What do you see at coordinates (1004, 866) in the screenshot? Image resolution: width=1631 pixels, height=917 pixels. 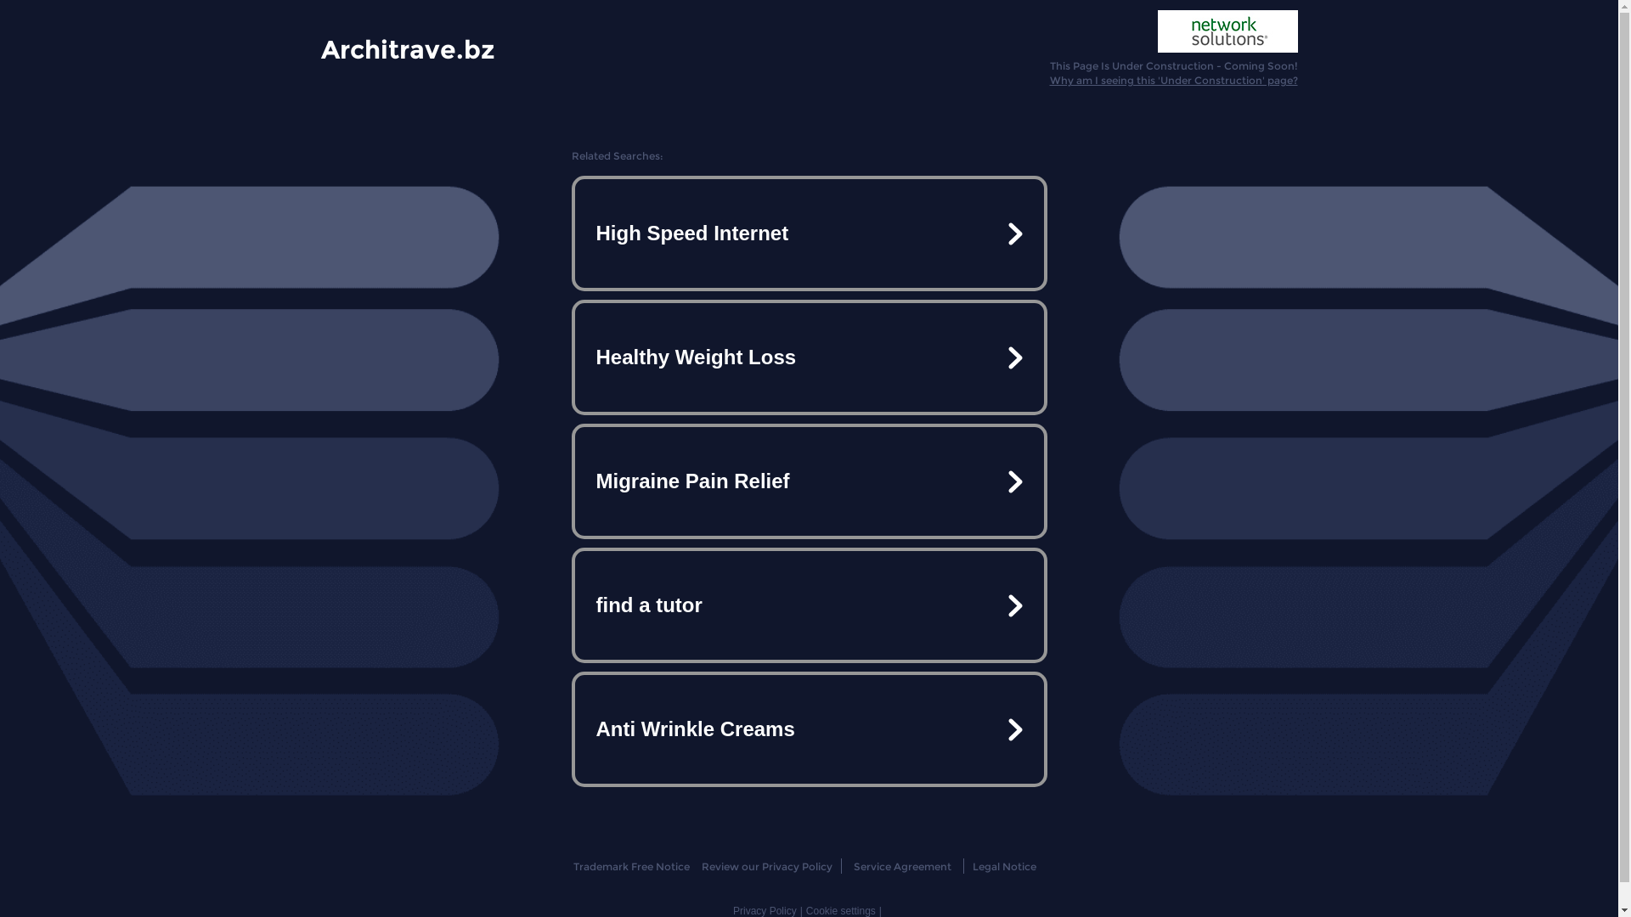 I see `'Legal Notice'` at bounding box center [1004, 866].